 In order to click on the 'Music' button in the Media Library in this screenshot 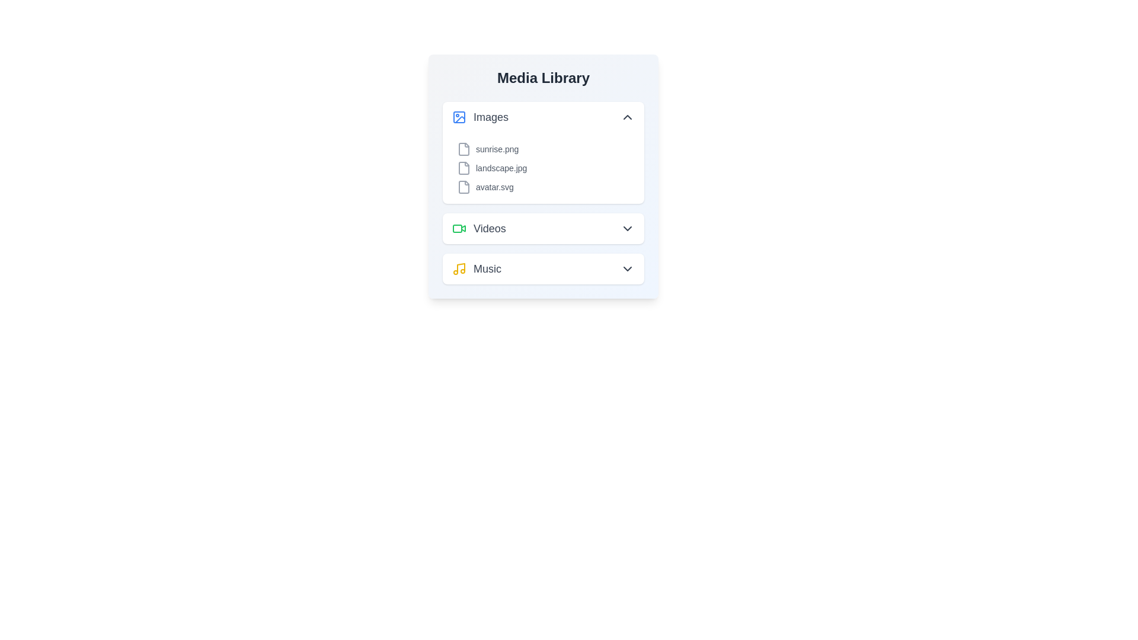, I will do `click(542, 269)`.